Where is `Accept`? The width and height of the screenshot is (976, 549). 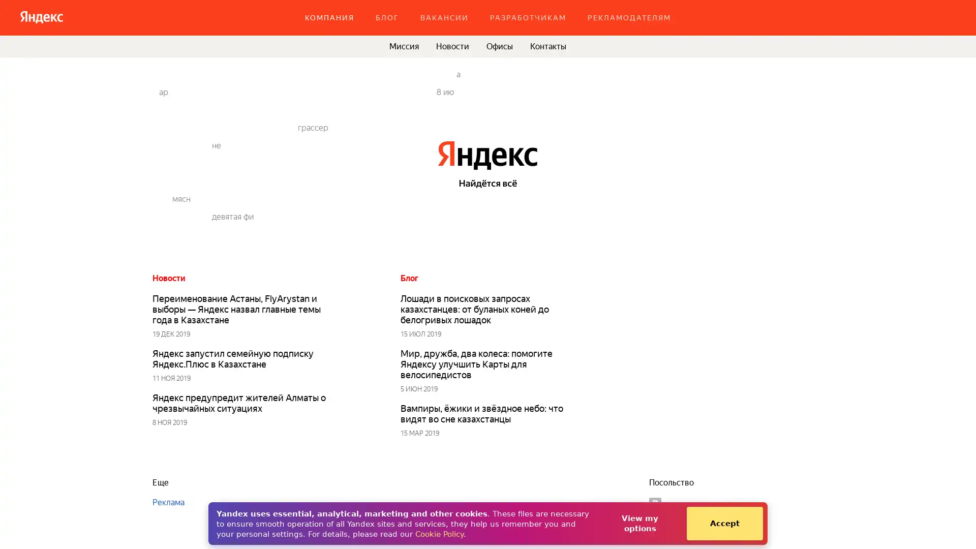 Accept is located at coordinates (724, 523).